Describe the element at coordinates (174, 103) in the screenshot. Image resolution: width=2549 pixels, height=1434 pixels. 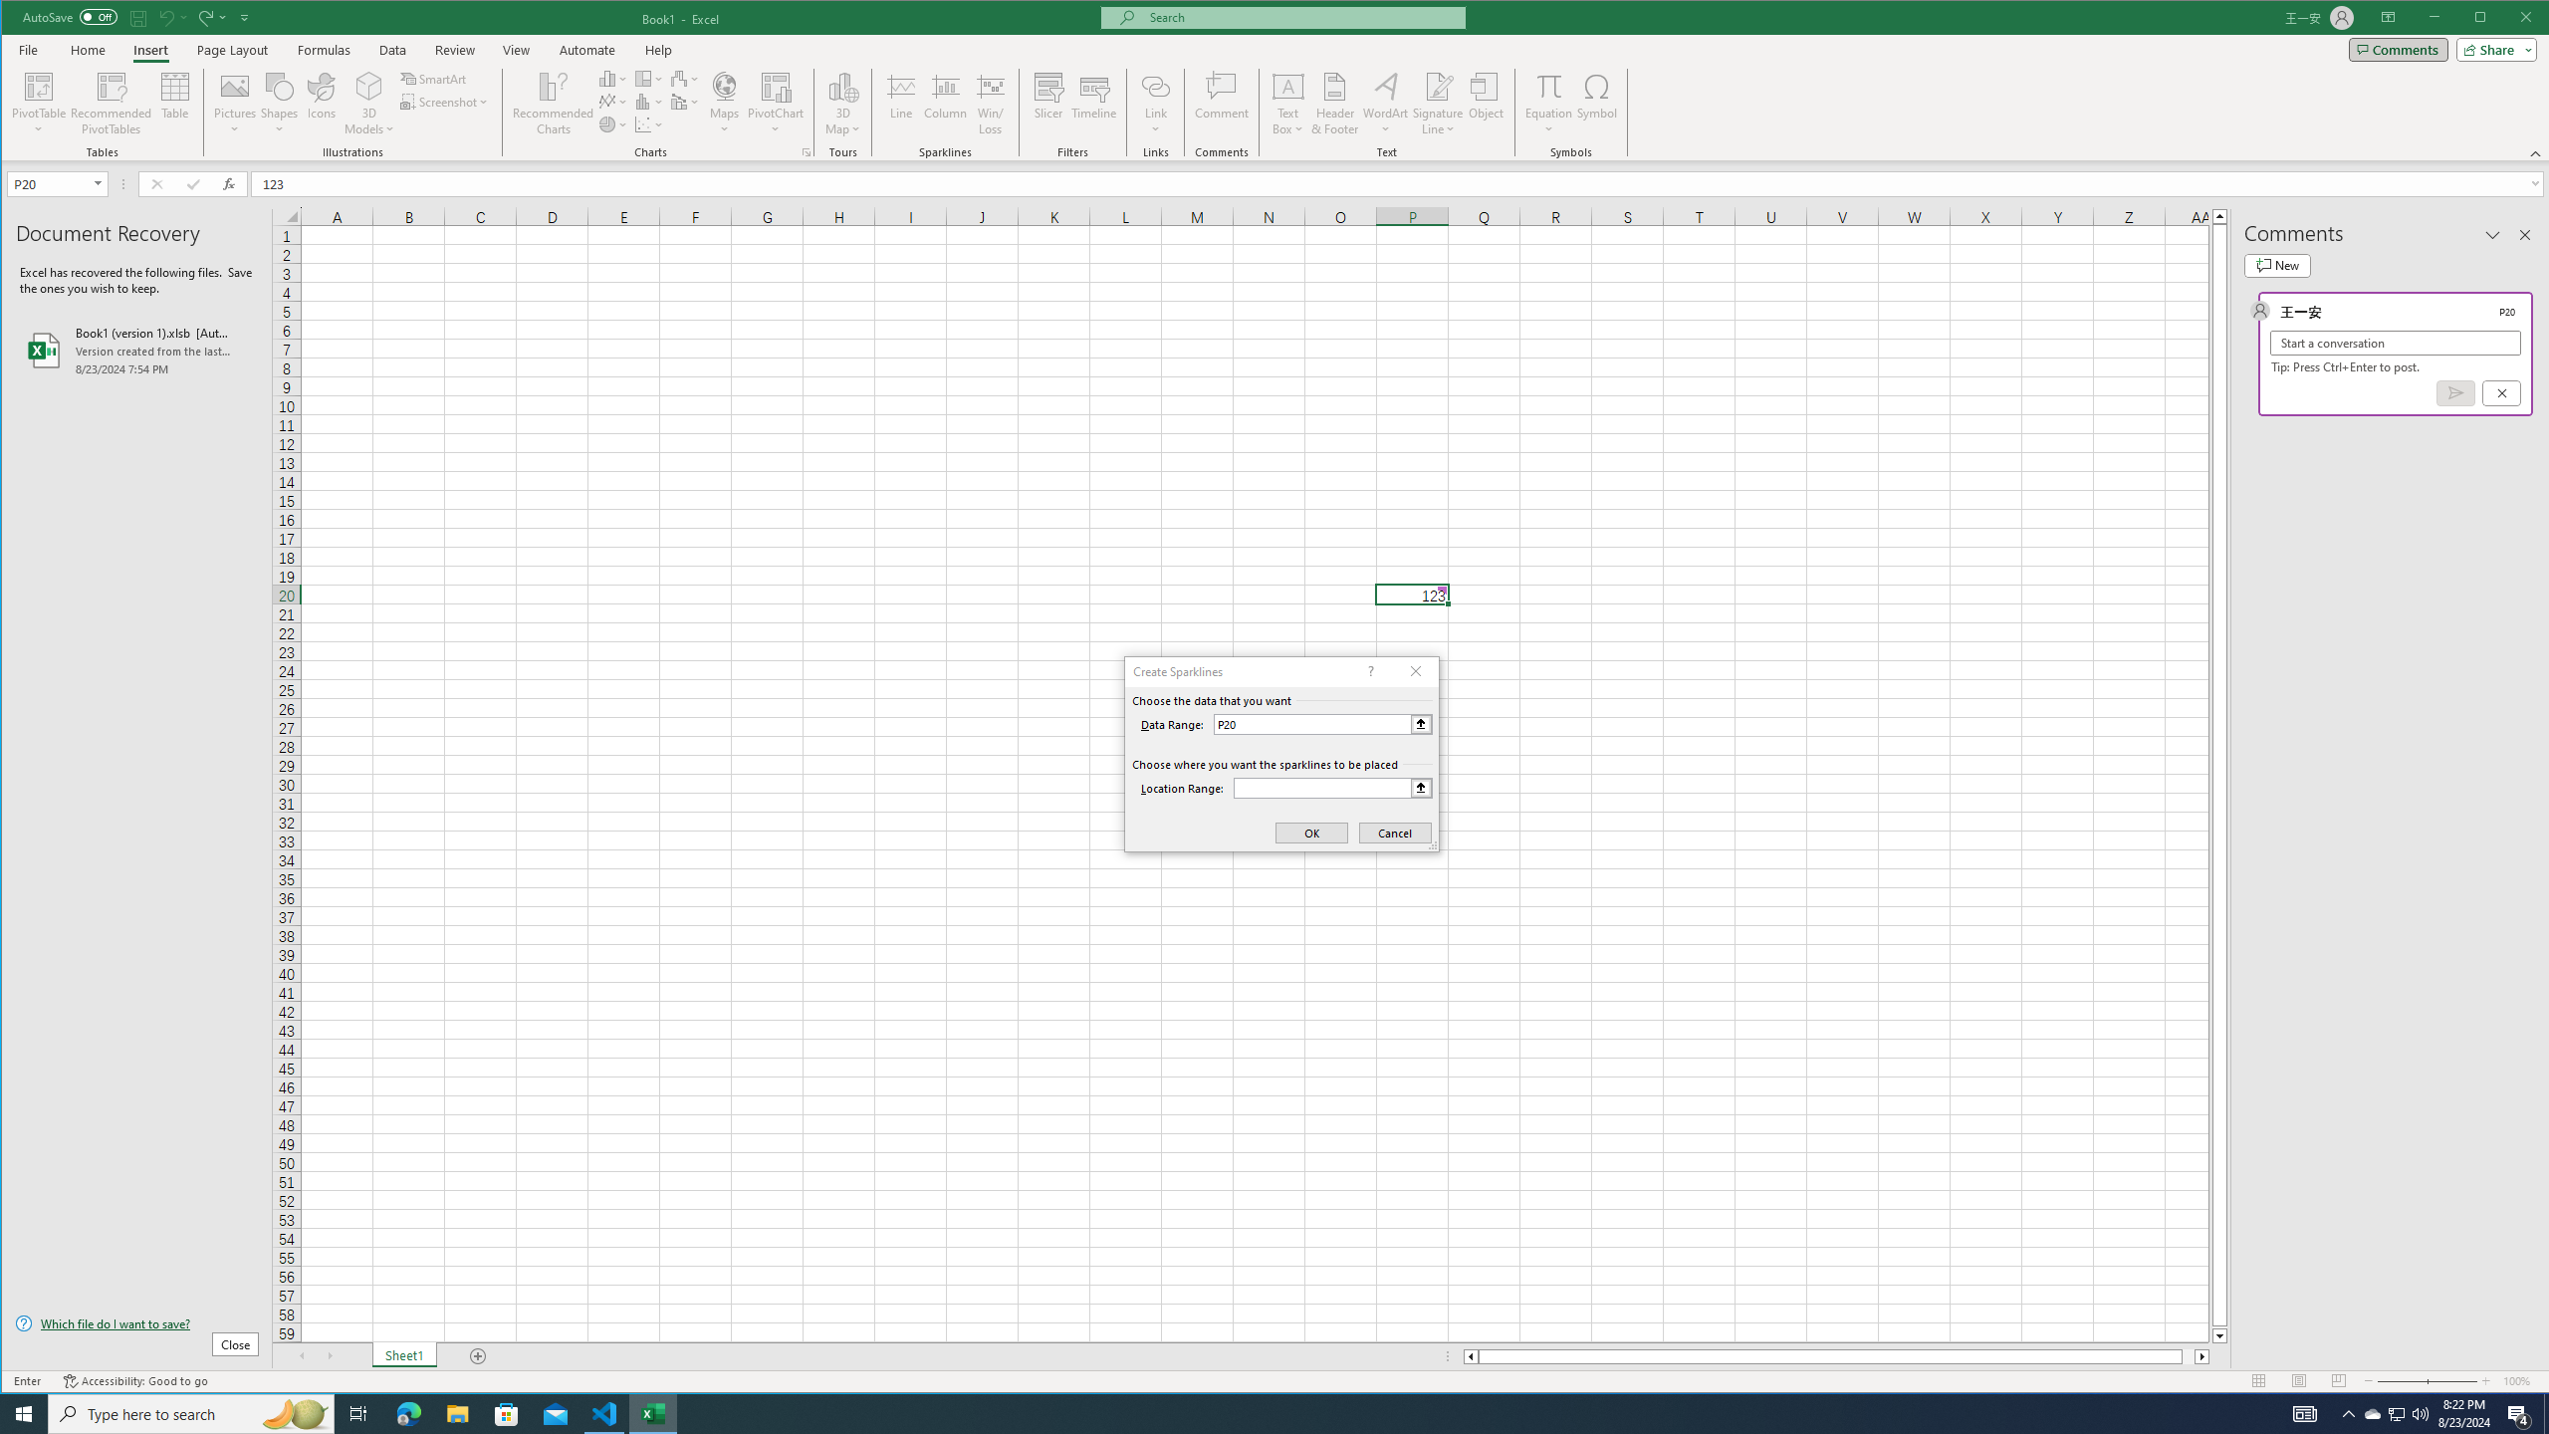
I see `'Table'` at that location.